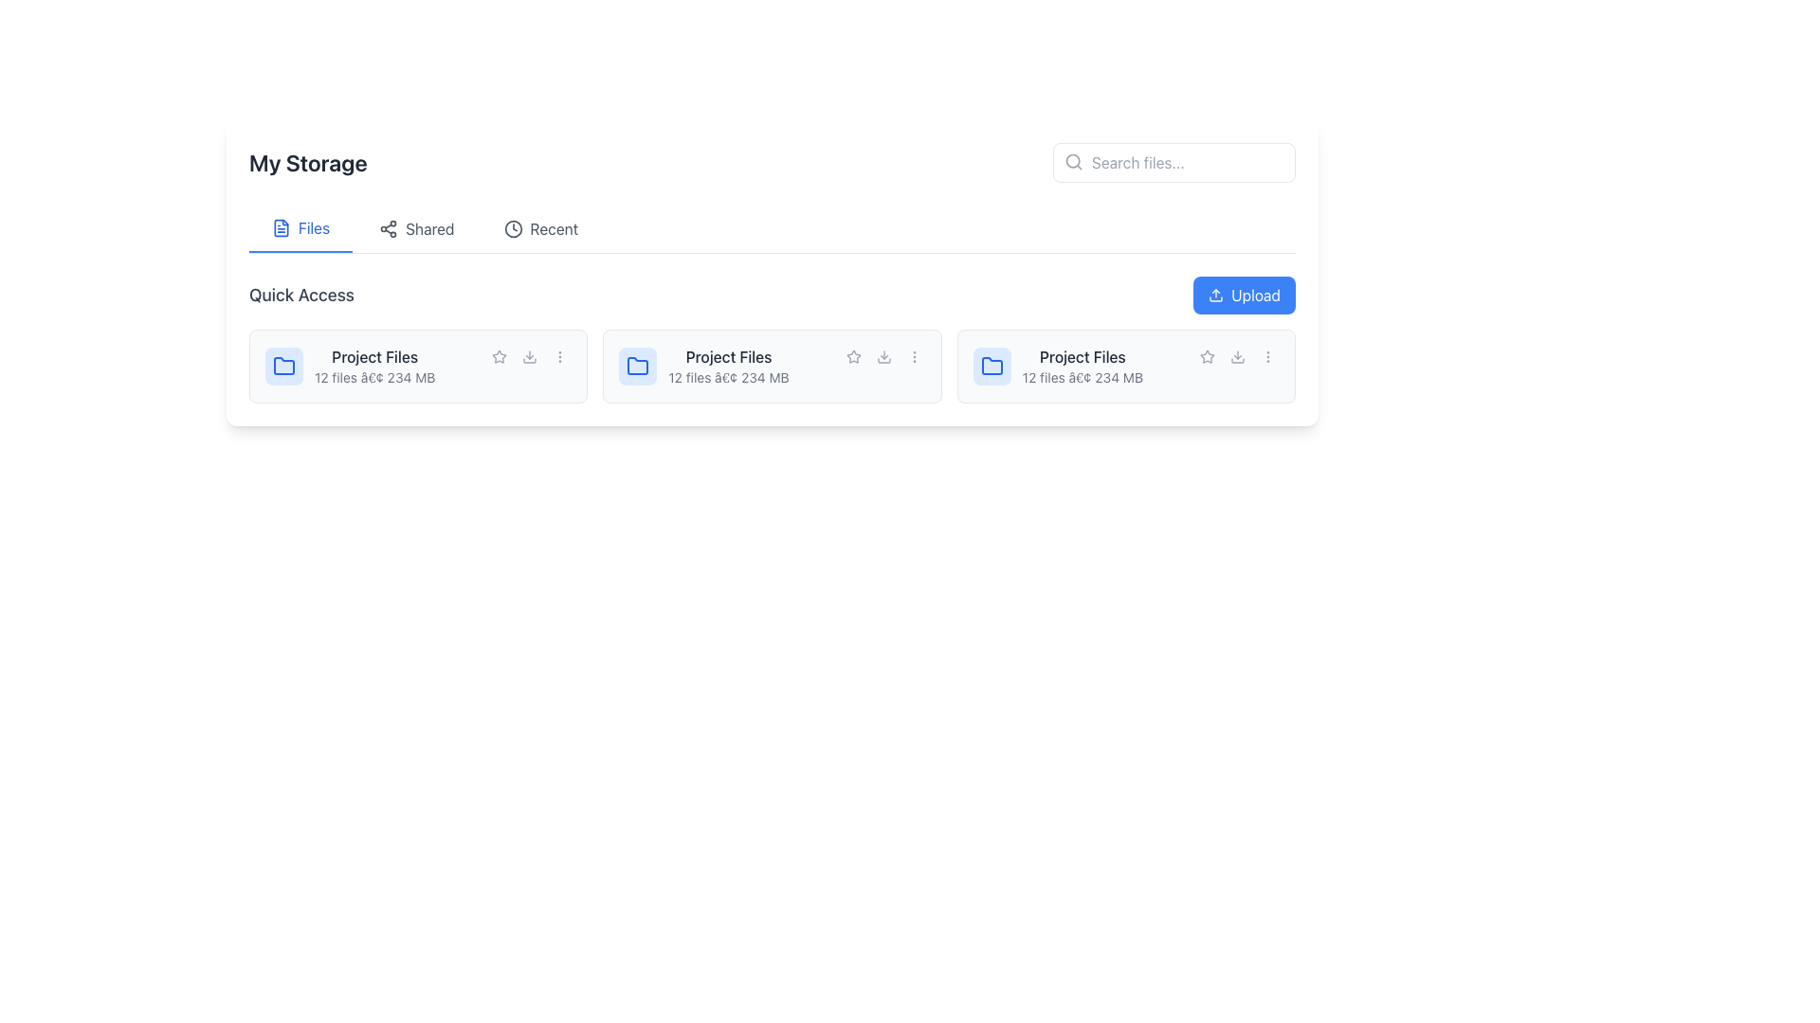 Image resolution: width=1820 pixels, height=1023 pixels. I want to click on the static text label that serves as the title for a specific file or folder card in the Quick Access section, so click(1083, 357).